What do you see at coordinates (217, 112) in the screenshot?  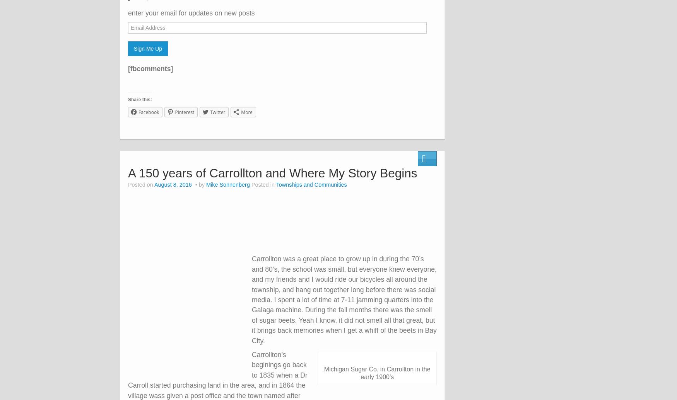 I see `'Twitter'` at bounding box center [217, 112].